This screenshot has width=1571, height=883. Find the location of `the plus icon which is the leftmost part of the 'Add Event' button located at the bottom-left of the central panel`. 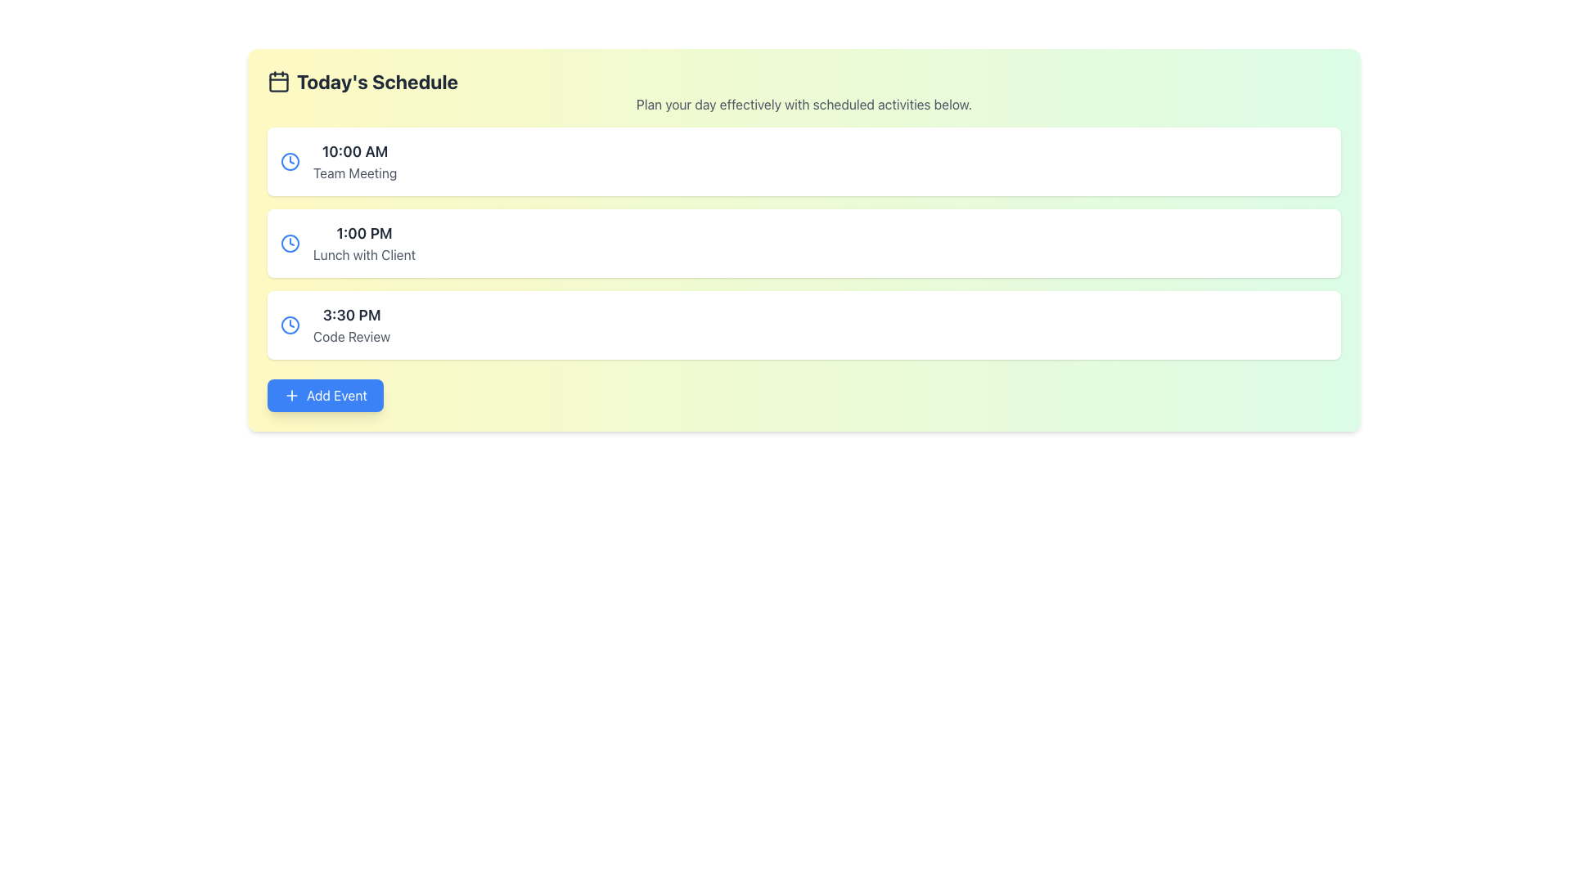

the plus icon which is the leftmost part of the 'Add Event' button located at the bottom-left of the central panel is located at coordinates (291, 395).